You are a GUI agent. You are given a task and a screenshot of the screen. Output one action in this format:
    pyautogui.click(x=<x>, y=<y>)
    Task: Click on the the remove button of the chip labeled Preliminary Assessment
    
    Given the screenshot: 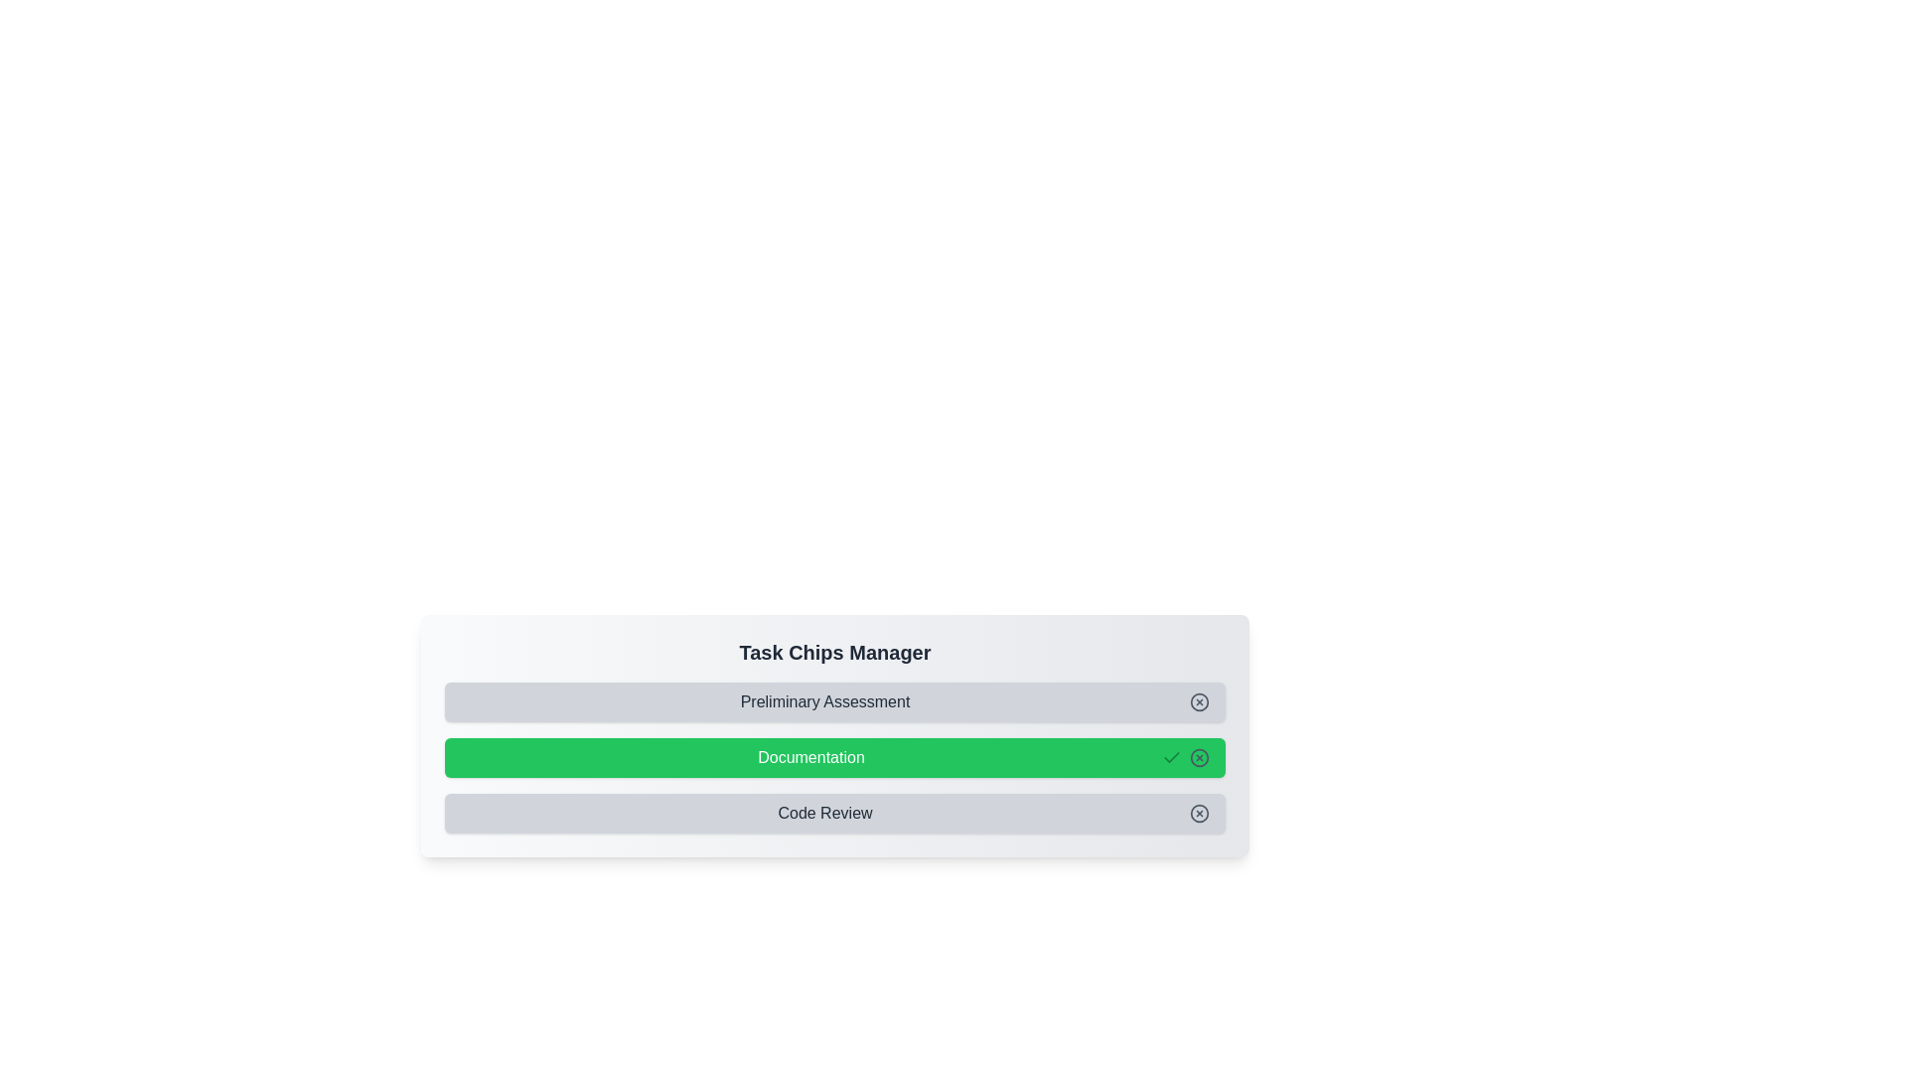 What is the action you would take?
    pyautogui.click(x=1199, y=700)
    